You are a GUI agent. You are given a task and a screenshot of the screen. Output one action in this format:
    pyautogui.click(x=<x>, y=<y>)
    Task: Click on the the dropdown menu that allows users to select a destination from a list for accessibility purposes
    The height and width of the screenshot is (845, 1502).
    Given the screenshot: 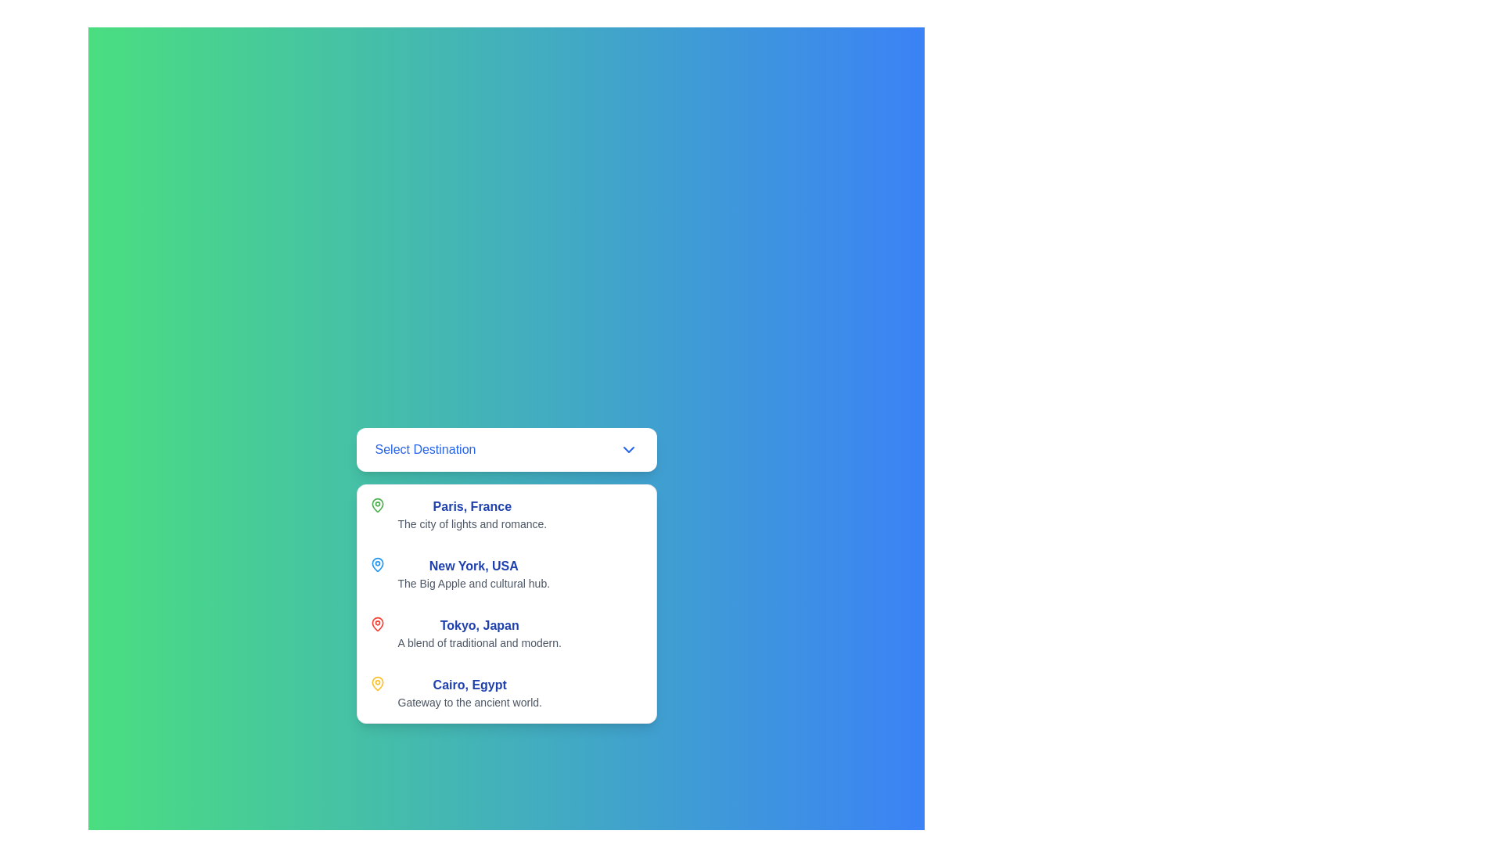 What is the action you would take?
    pyautogui.click(x=506, y=449)
    